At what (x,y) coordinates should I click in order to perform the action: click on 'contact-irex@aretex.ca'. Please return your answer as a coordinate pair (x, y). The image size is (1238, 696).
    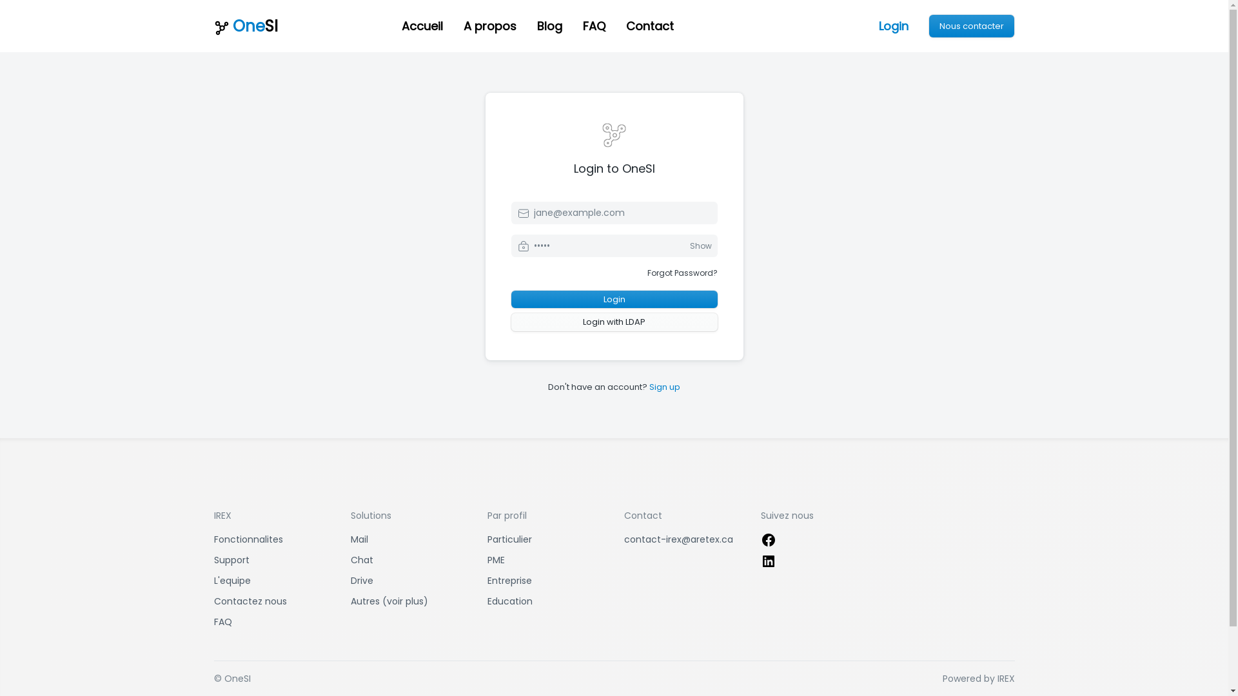
    Looking at the image, I should click on (624, 539).